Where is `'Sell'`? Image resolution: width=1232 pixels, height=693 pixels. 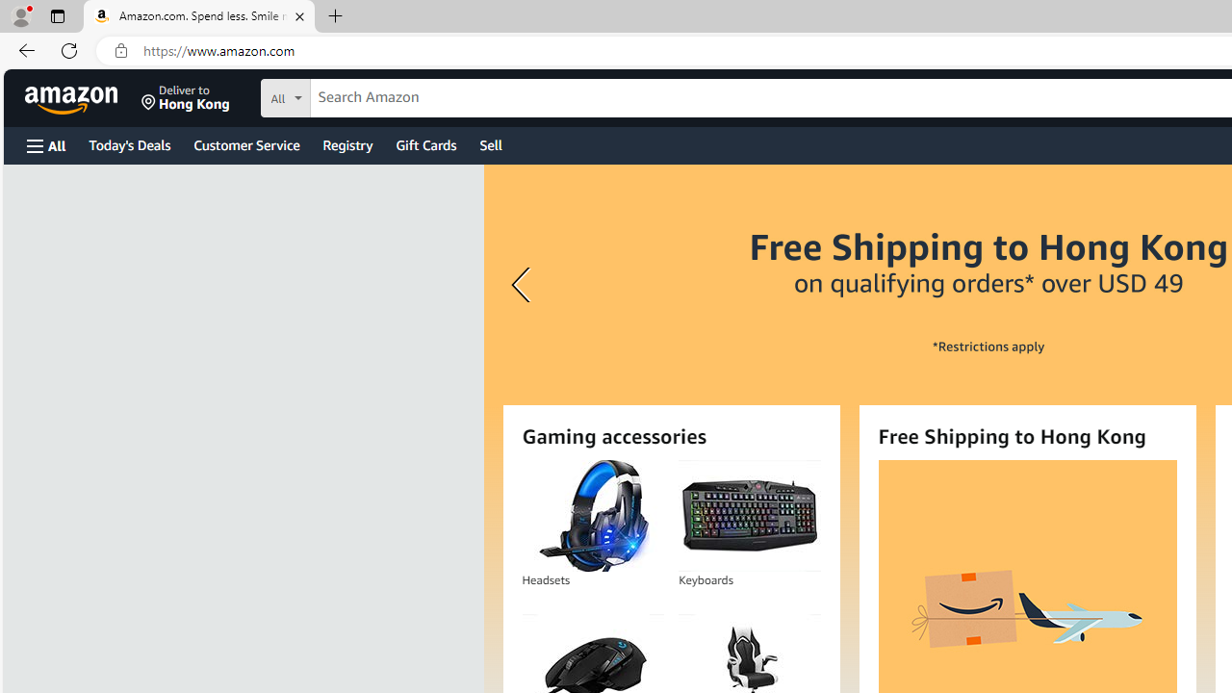
'Sell' is located at coordinates (491, 143).